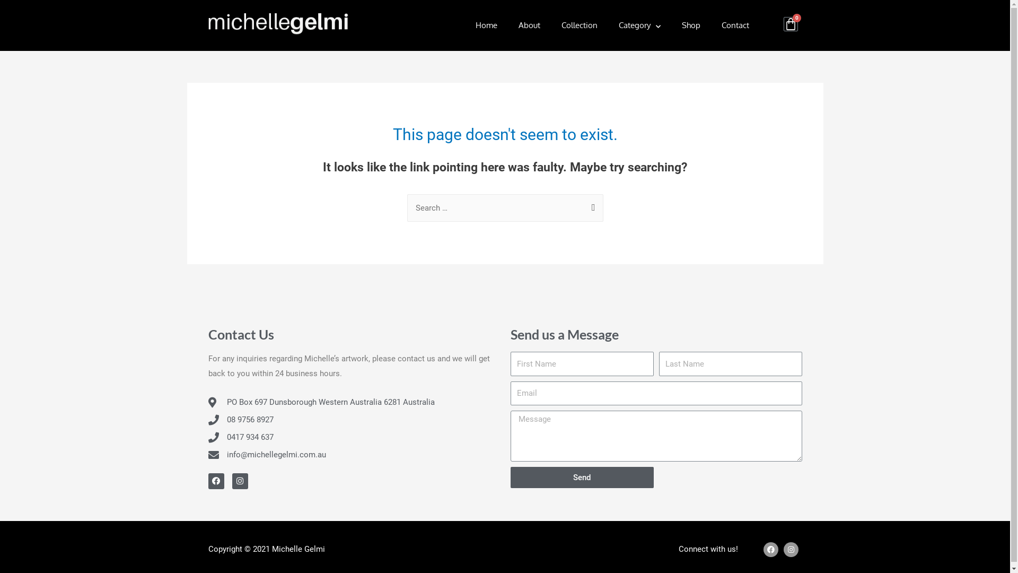 Image resolution: width=1018 pixels, height=573 pixels. I want to click on 'Contact', so click(735, 24).